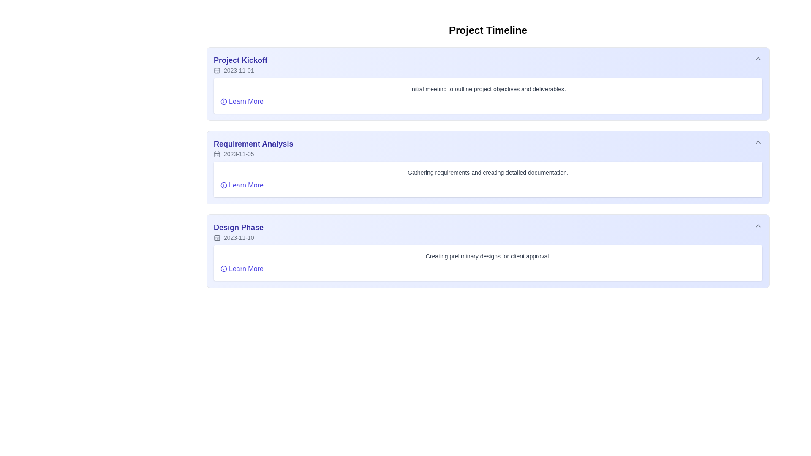  Describe the element at coordinates (217, 238) in the screenshot. I see `the small gray calendar icon located to the left of the date text '2023-11-10' within the 'Design Phase' section of the 'Project Timeline'` at that location.